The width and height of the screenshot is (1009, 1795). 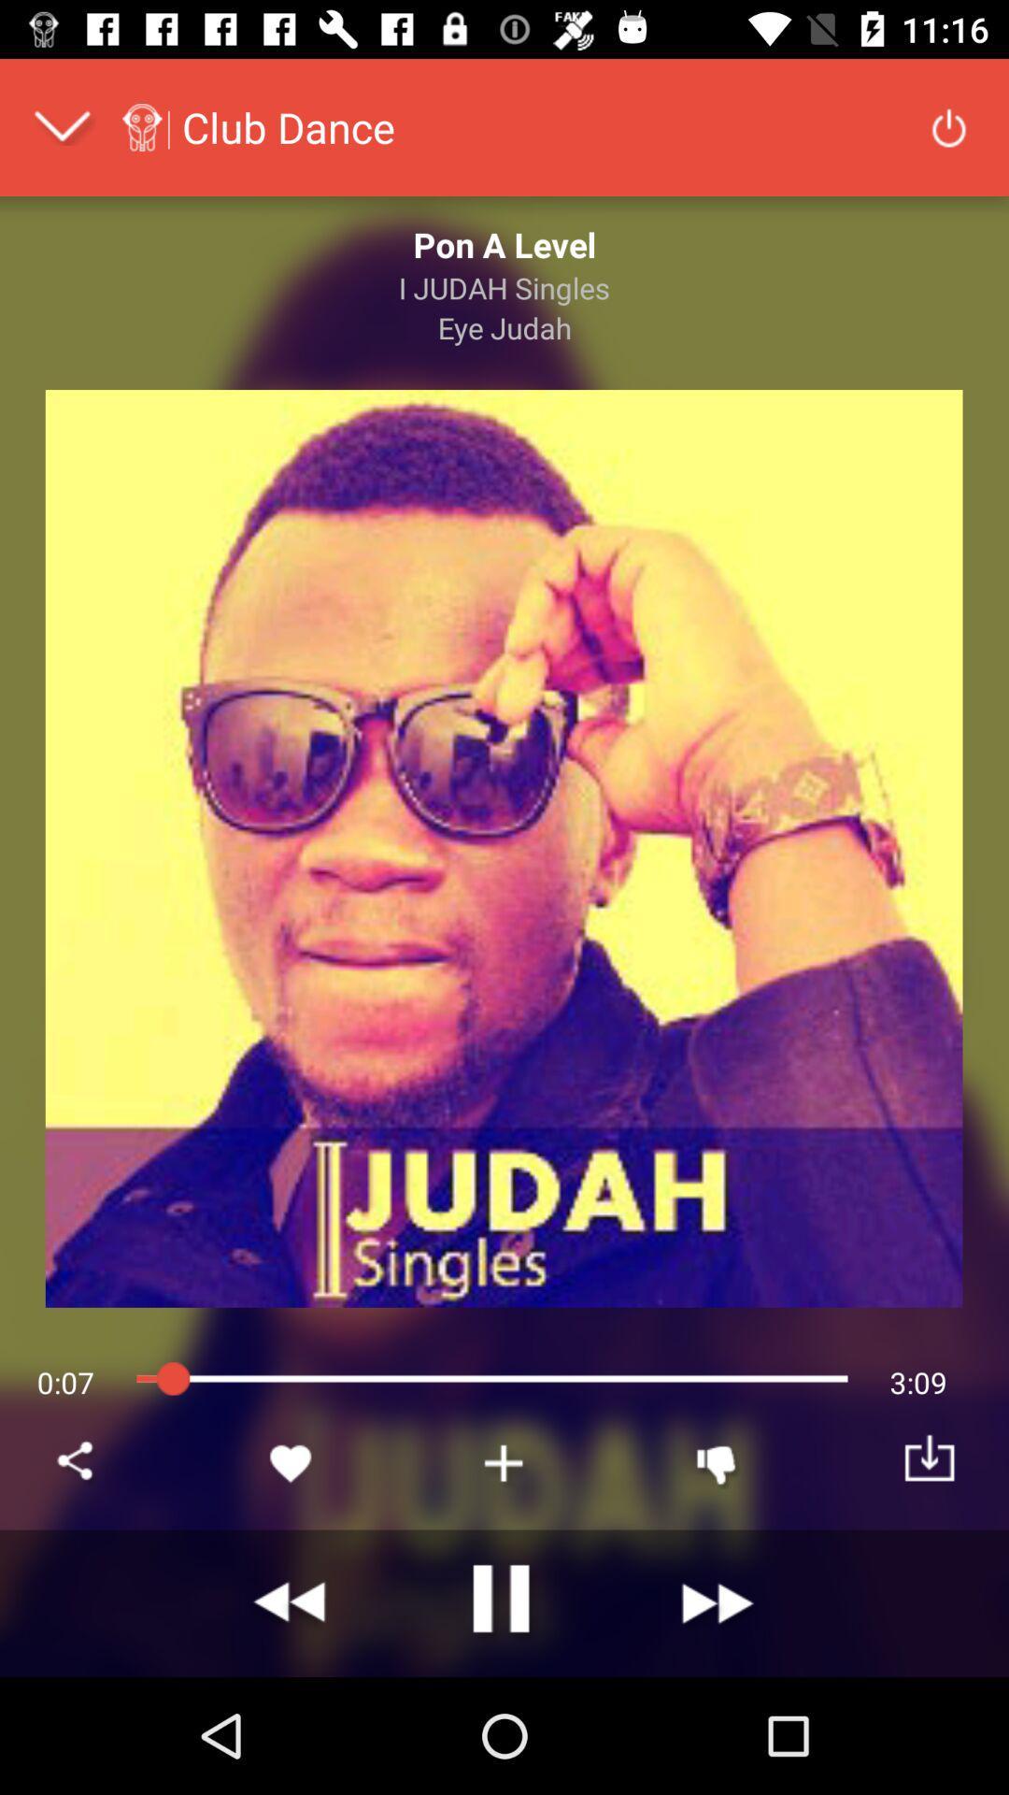 What do you see at coordinates (504, 1602) in the screenshot?
I see `switch autoplay option` at bounding box center [504, 1602].